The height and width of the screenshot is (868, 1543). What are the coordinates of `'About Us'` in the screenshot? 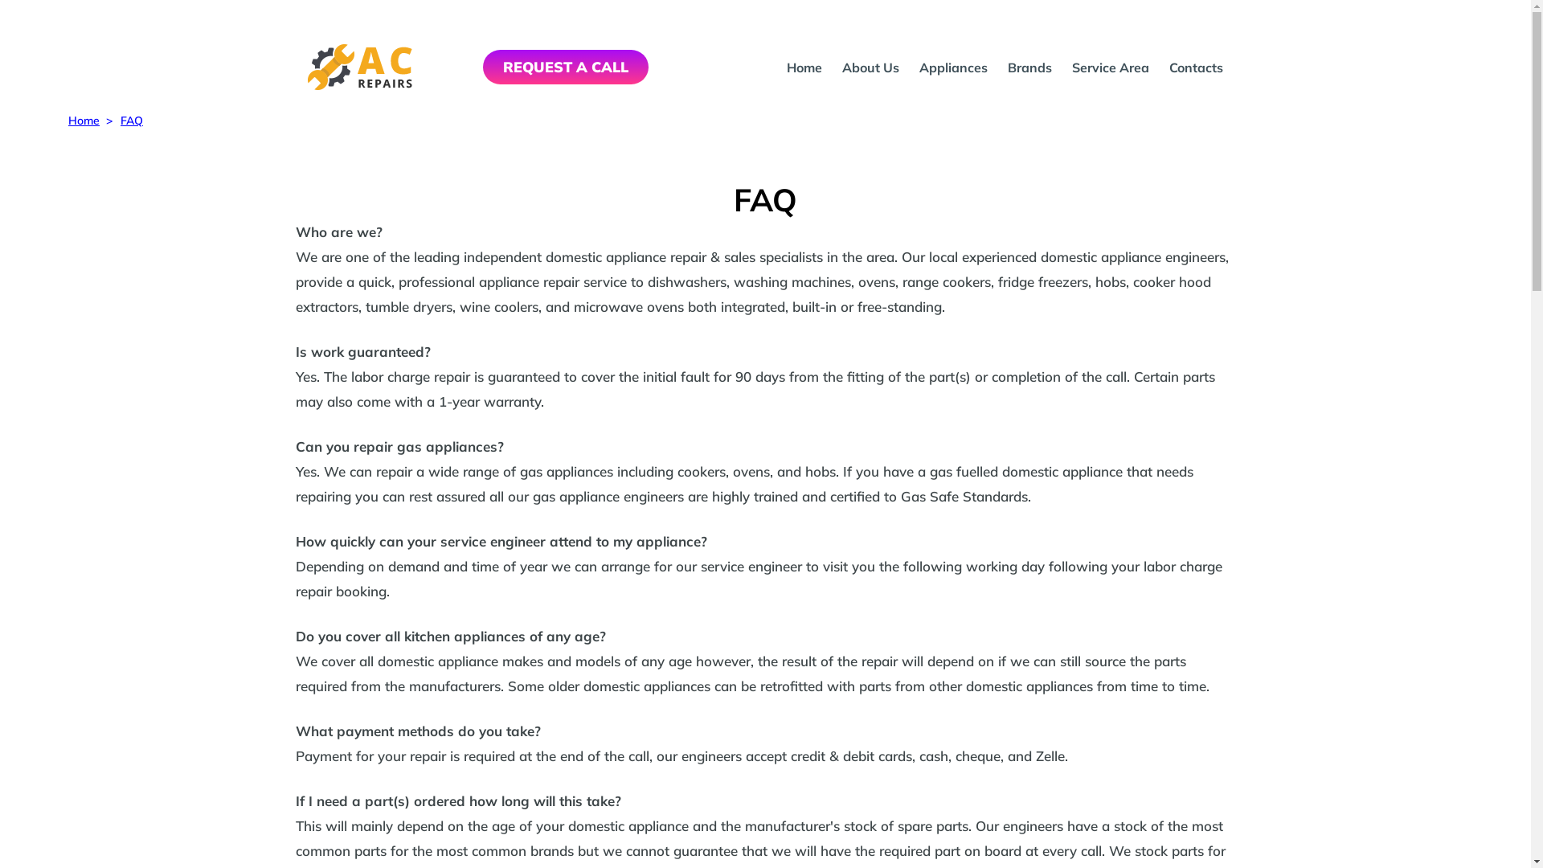 It's located at (870, 67).